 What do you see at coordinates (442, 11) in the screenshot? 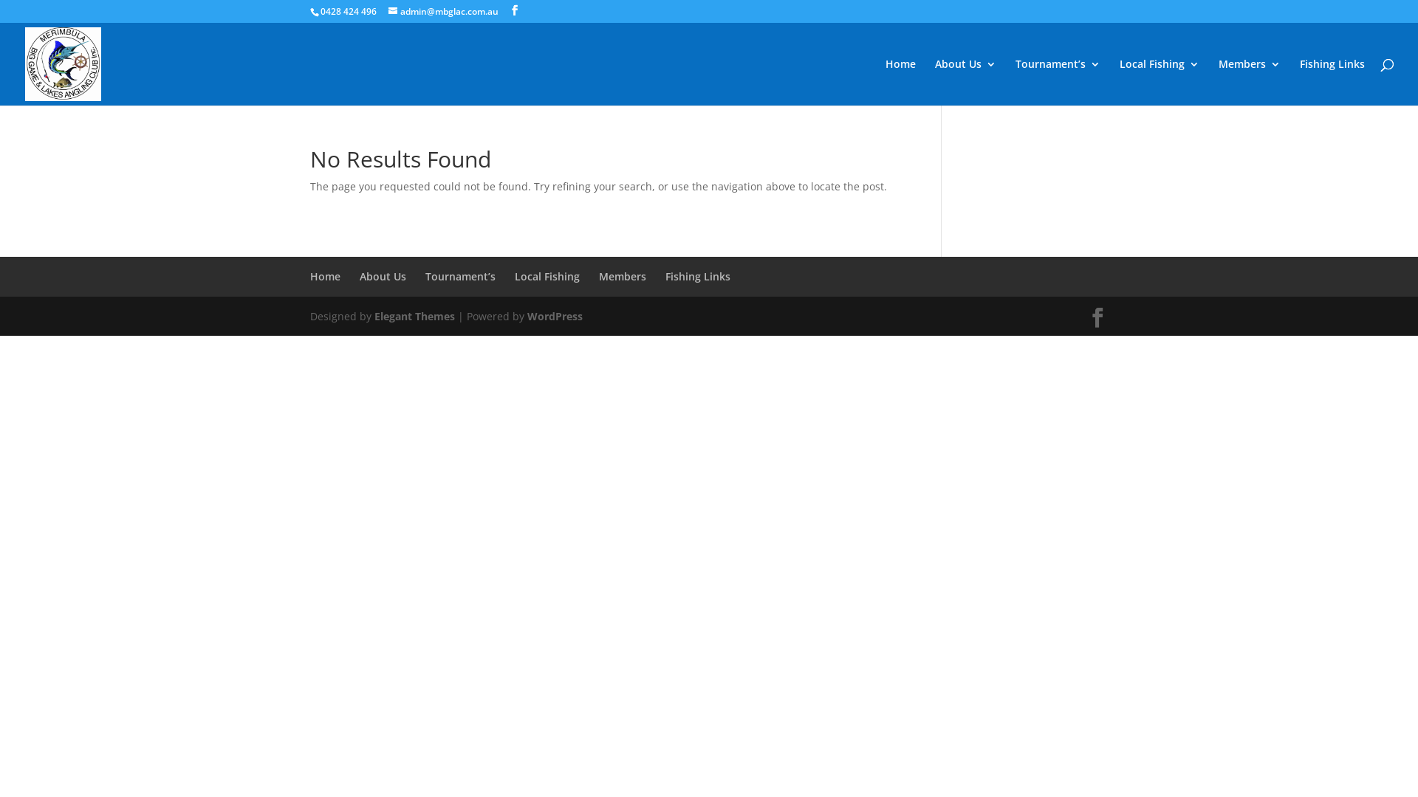
I see `'admin@mbglac.com.au'` at bounding box center [442, 11].